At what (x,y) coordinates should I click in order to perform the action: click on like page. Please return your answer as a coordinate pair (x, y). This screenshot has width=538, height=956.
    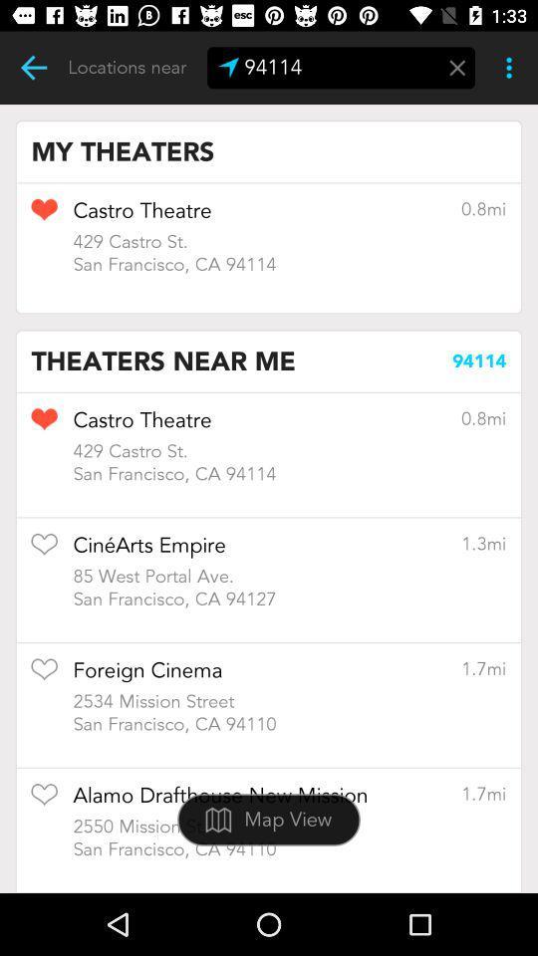
    Looking at the image, I should click on (44, 551).